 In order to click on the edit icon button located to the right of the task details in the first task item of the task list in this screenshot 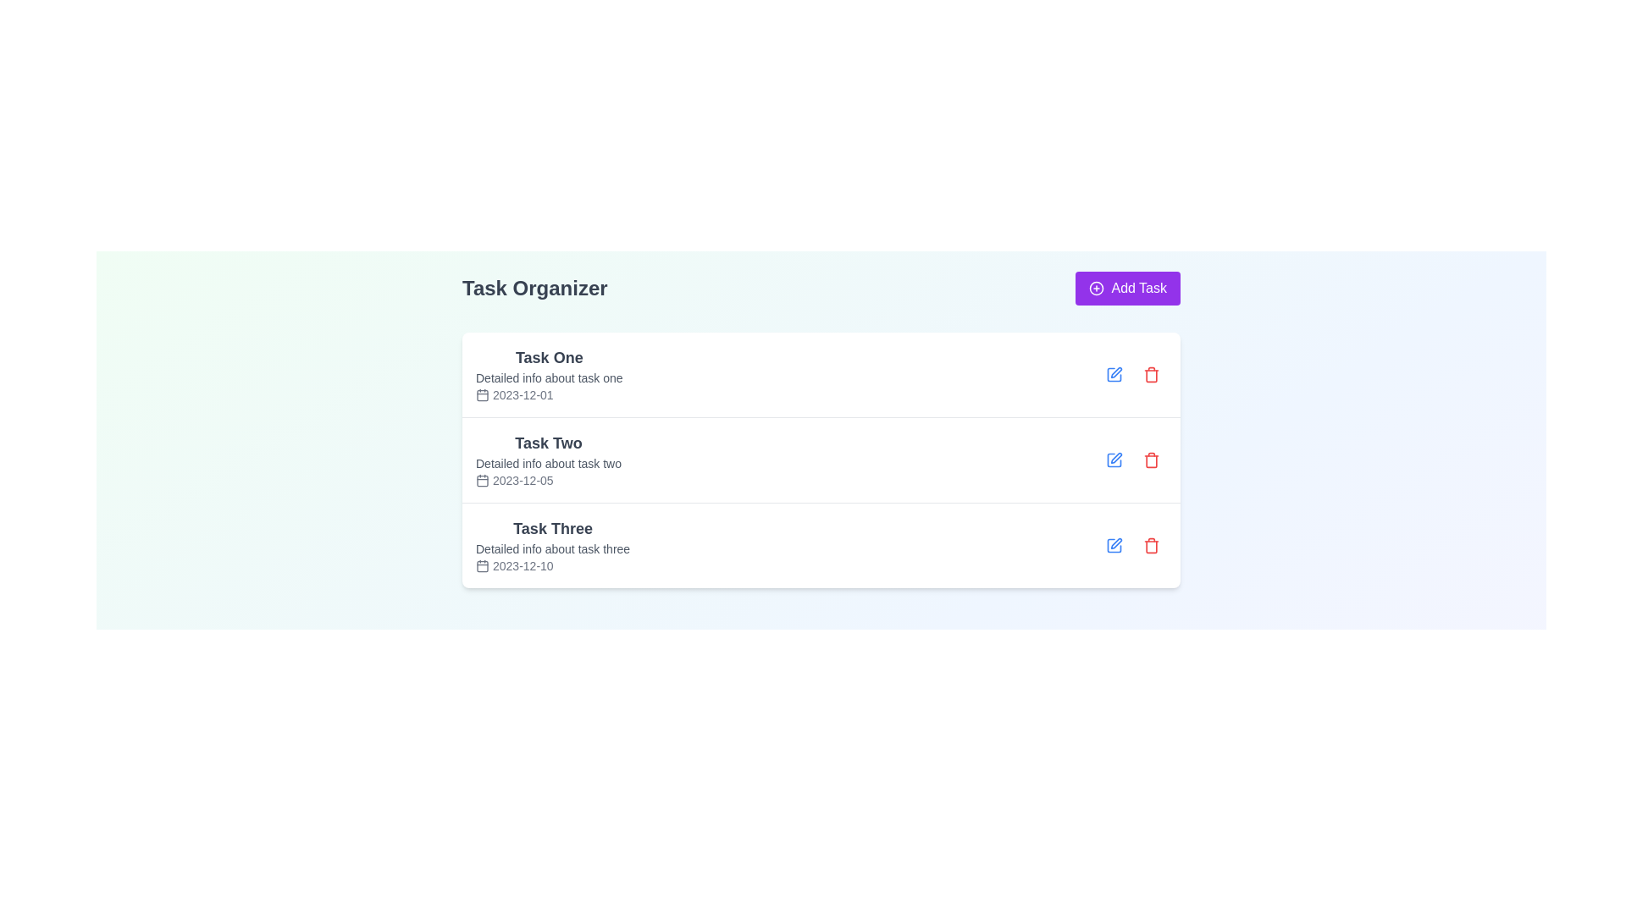, I will do `click(1114, 374)`.